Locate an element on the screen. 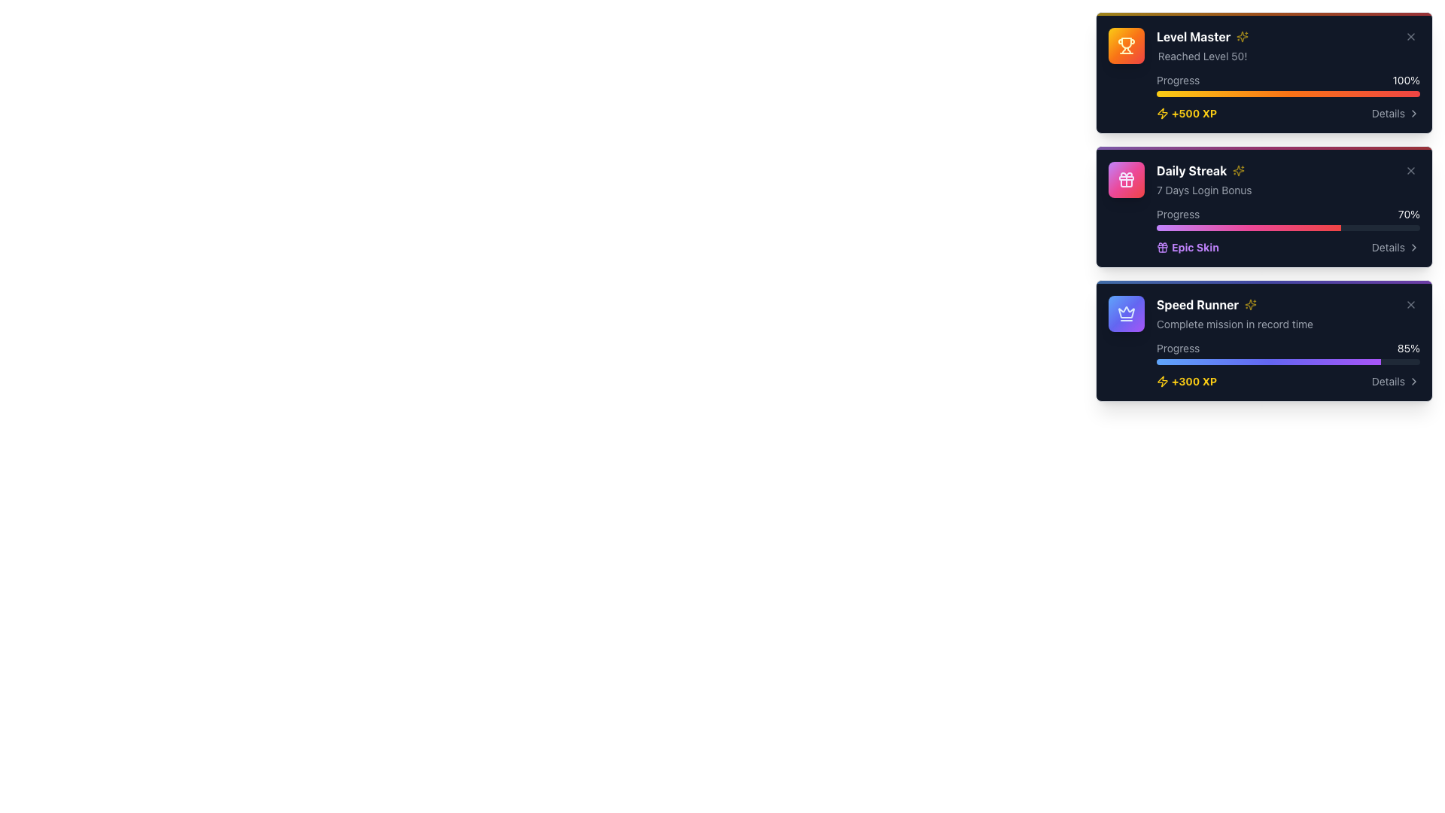 The height and width of the screenshot is (813, 1445). the decorative icon representing the 'Speed Runner' achievement, located on the left side of the 'Speed Runner' card above the text 'Complete mission in record time.' is located at coordinates (1127, 312).